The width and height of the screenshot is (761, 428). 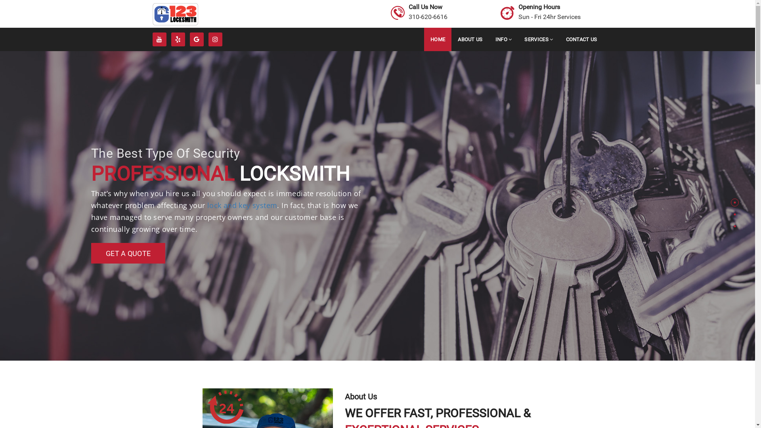 What do you see at coordinates (538, 39) in the screenshot?
I see `'SERVICES'` at bounding box center [538, 39].